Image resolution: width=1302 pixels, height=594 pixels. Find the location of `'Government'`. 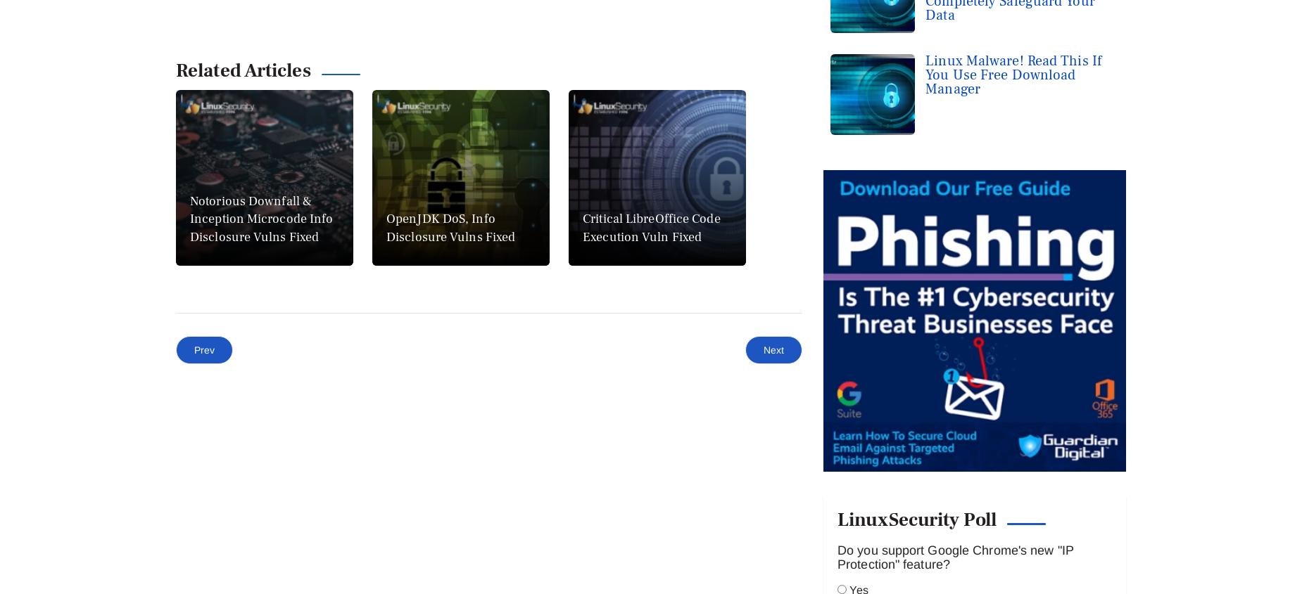

'Government' is located at coordinates (192, 561).